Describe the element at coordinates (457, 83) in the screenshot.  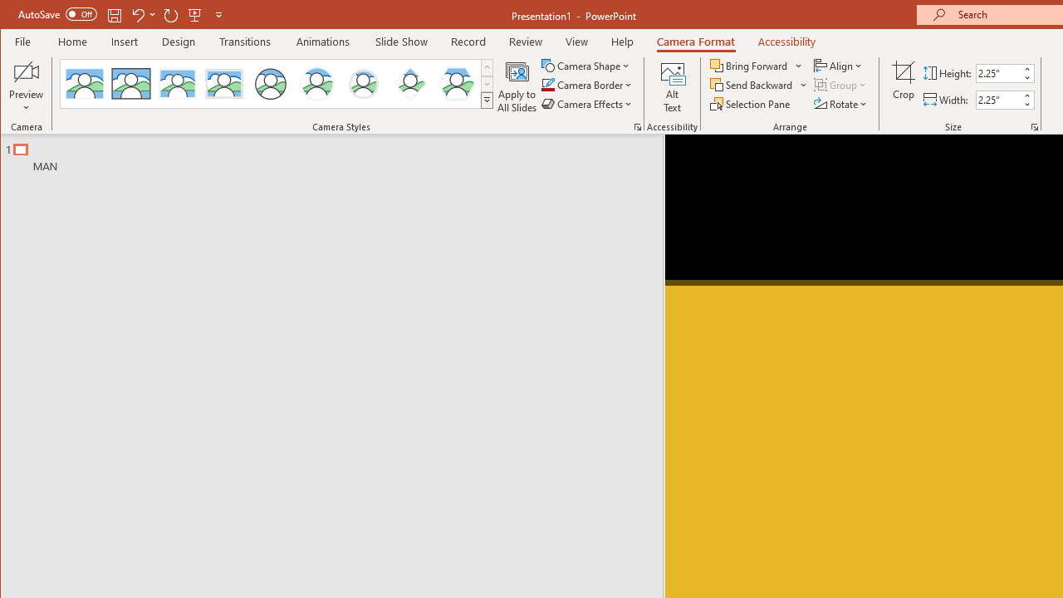
I see `'Center Shadow Hexagon'` at that location.